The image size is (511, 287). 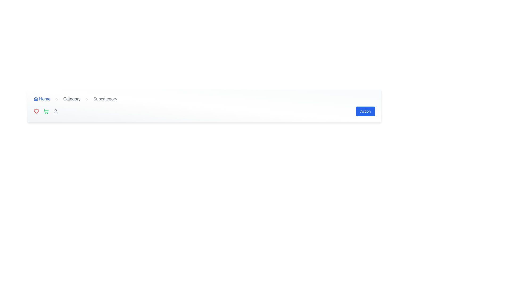 What do you see at coordinates (72, 99) in the screenshot?
I see `the 'Category' hyperlink` at bounding box center [72, 99].